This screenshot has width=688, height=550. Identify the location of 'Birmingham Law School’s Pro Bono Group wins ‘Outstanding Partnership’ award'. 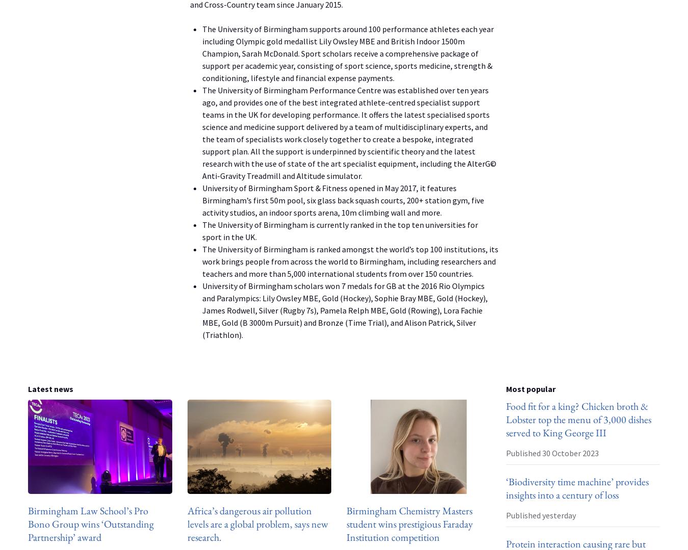
(91, 523).